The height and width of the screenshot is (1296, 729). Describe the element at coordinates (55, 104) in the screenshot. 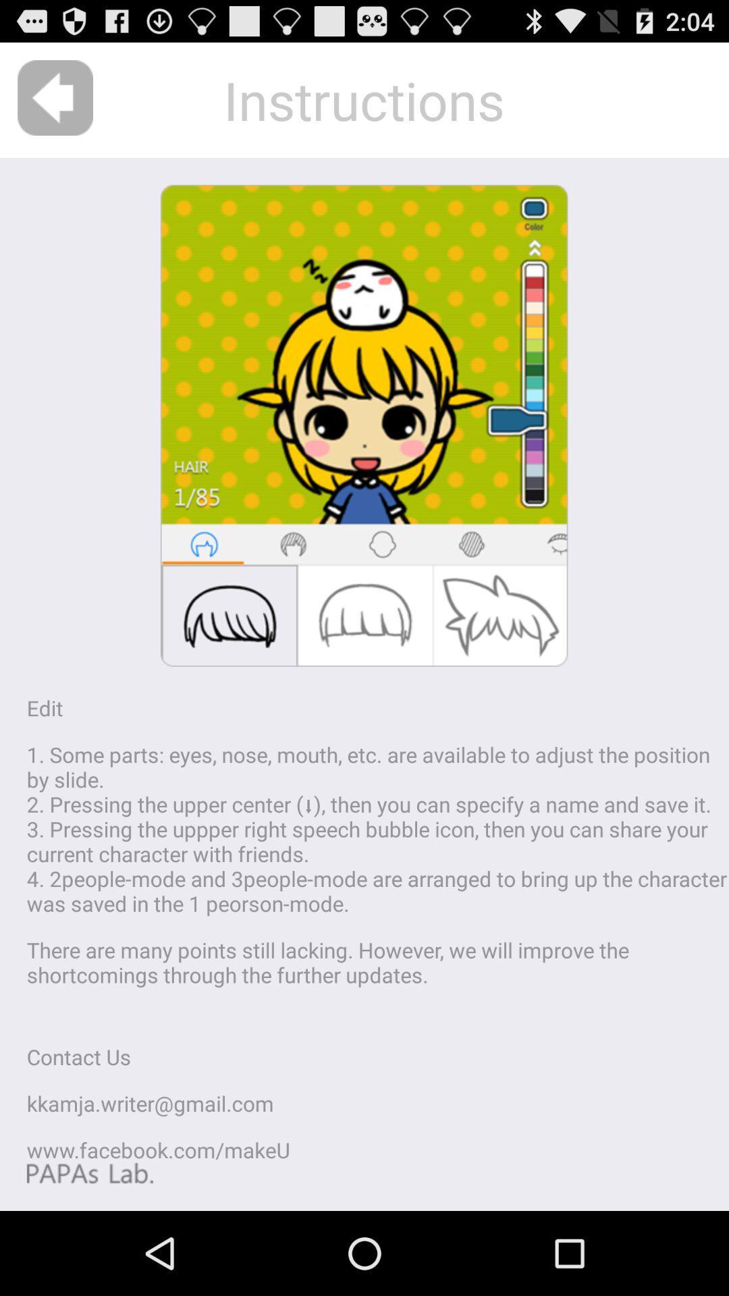

I see `the arrow_backward icon` at that location.